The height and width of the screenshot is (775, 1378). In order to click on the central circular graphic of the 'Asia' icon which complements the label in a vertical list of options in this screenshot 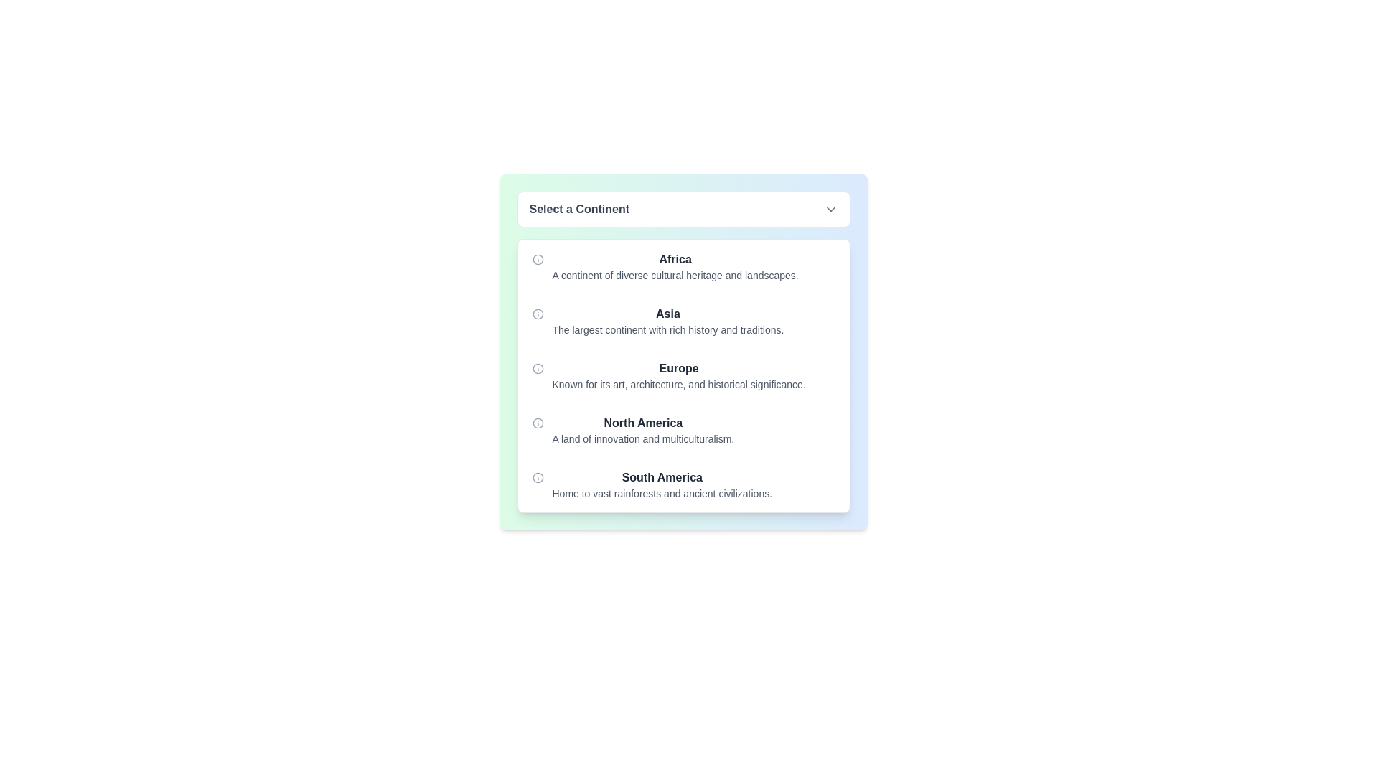, I will do `click(537, 314)`.